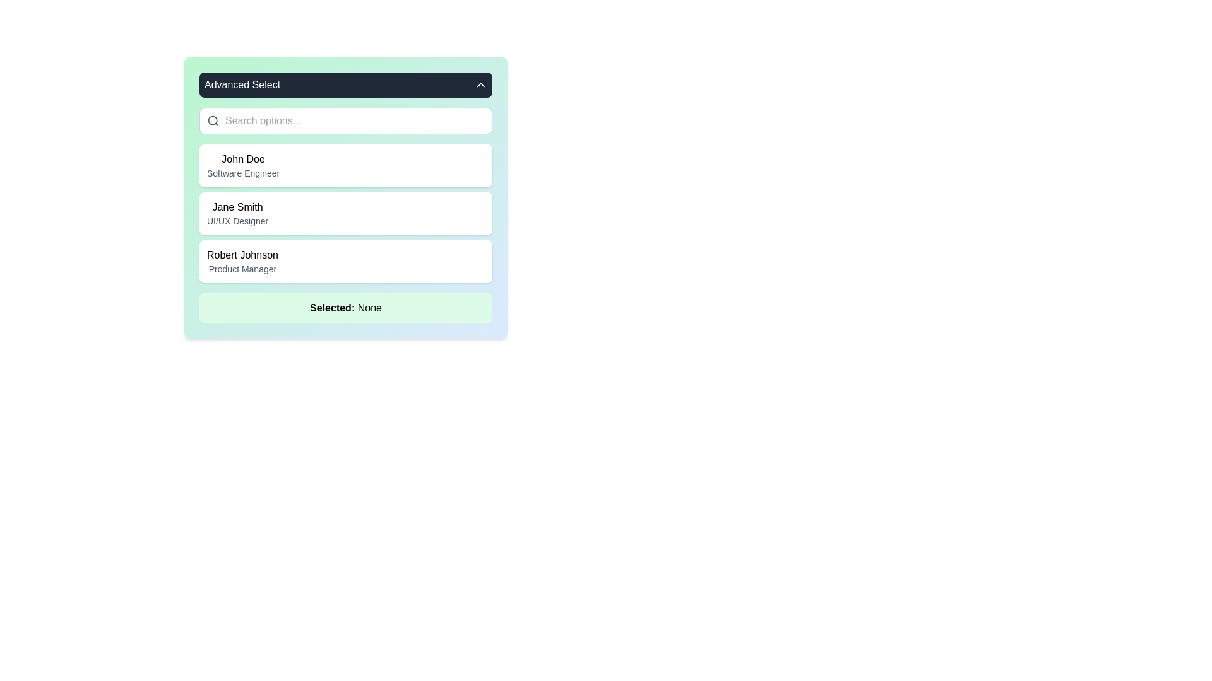 This screenshot has height=681, width=1212. What do you see at coordinates (243, 159) in the screenshot?
I see `text label displaying 'John Doe' which is styled in medium font weight and appears in black color at the top of a selectable item card in the dropdown menu` at bounding box center [243, 159].